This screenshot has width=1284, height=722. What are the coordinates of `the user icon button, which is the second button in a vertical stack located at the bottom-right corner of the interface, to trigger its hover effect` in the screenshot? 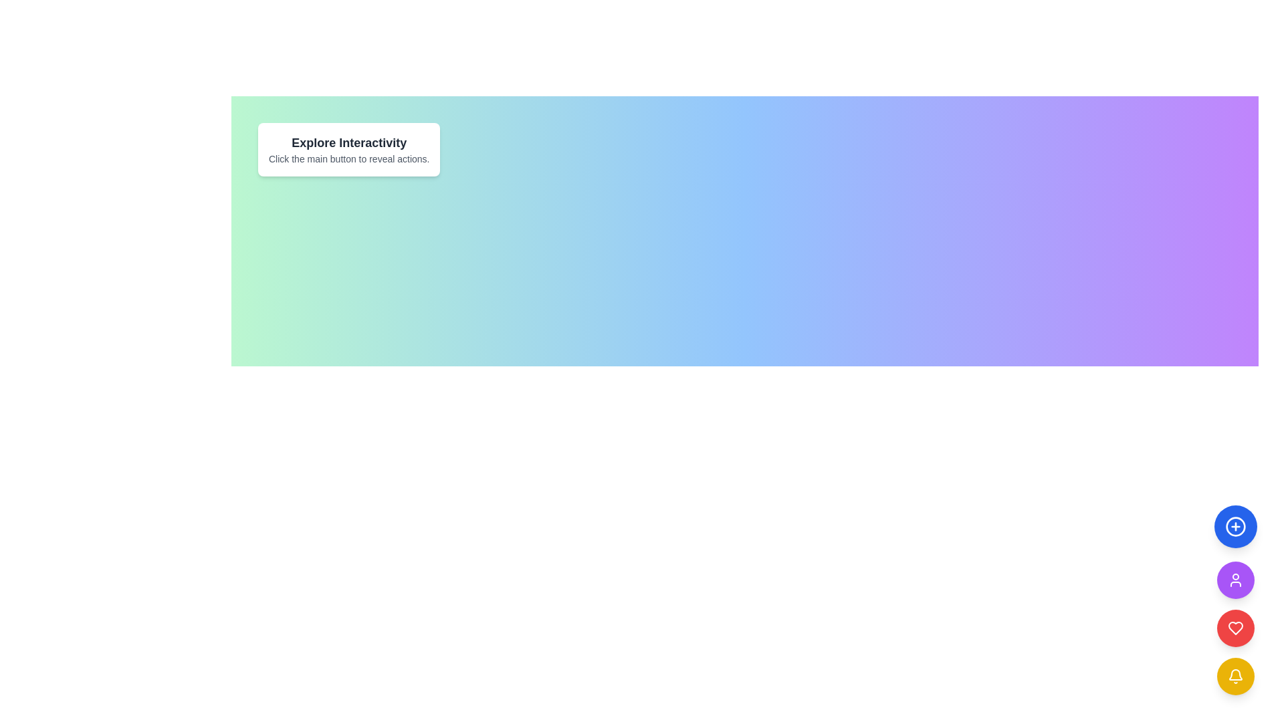 It's located at (1235, 579).